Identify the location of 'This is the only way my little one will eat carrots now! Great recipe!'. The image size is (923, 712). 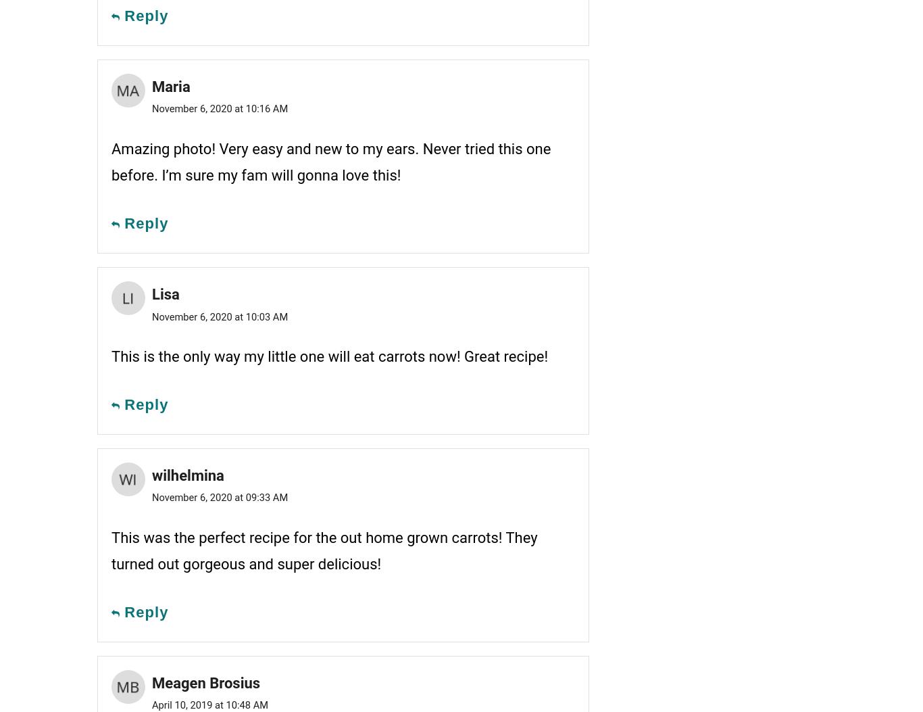
(329, 356).